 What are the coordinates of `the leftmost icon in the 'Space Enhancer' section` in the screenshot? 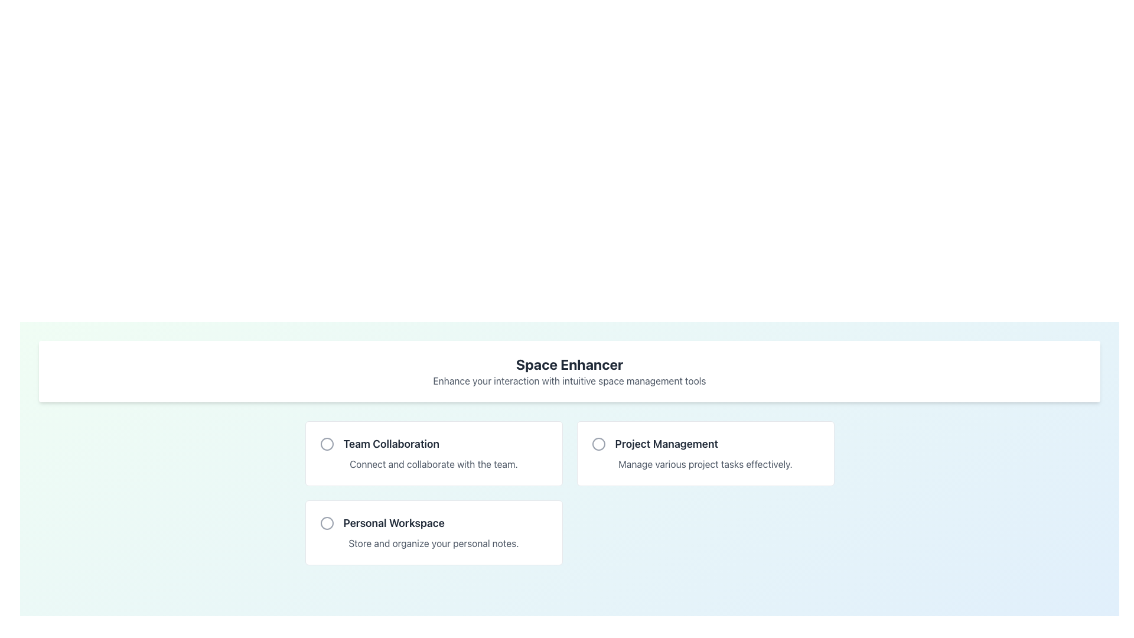 It's located at (327, 523).